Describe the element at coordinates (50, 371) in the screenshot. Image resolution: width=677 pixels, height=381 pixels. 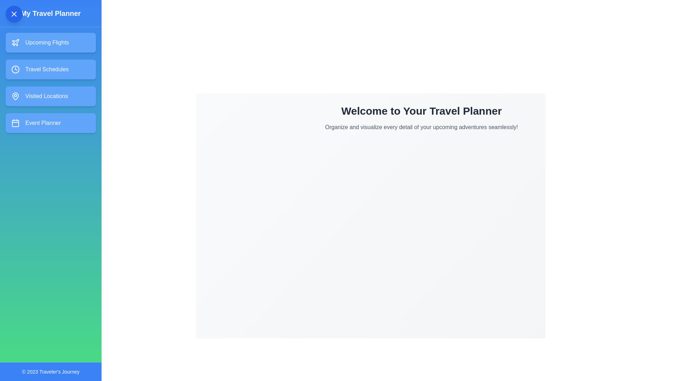
I see `the text label that reads '© 2023 Traveler's Journey', which is located in the footer area with a blue background` at that location.